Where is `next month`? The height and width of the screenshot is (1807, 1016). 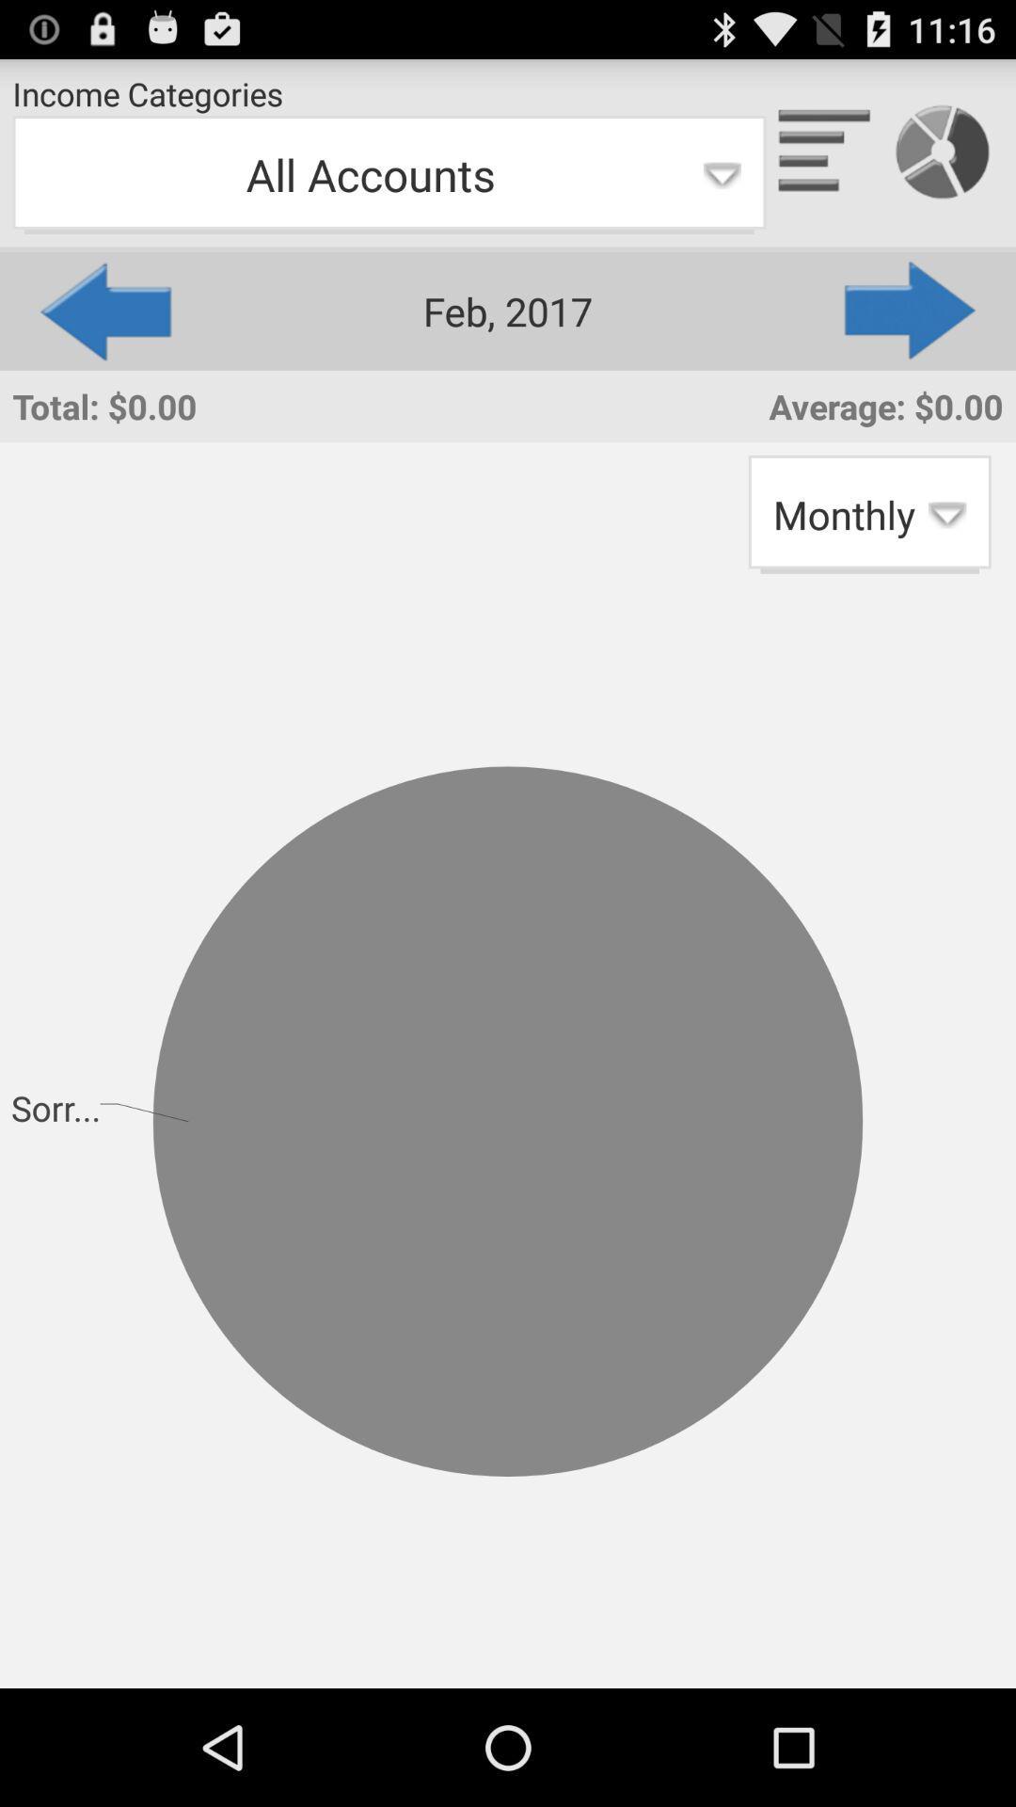
next month is located at coordinates (911, 311).